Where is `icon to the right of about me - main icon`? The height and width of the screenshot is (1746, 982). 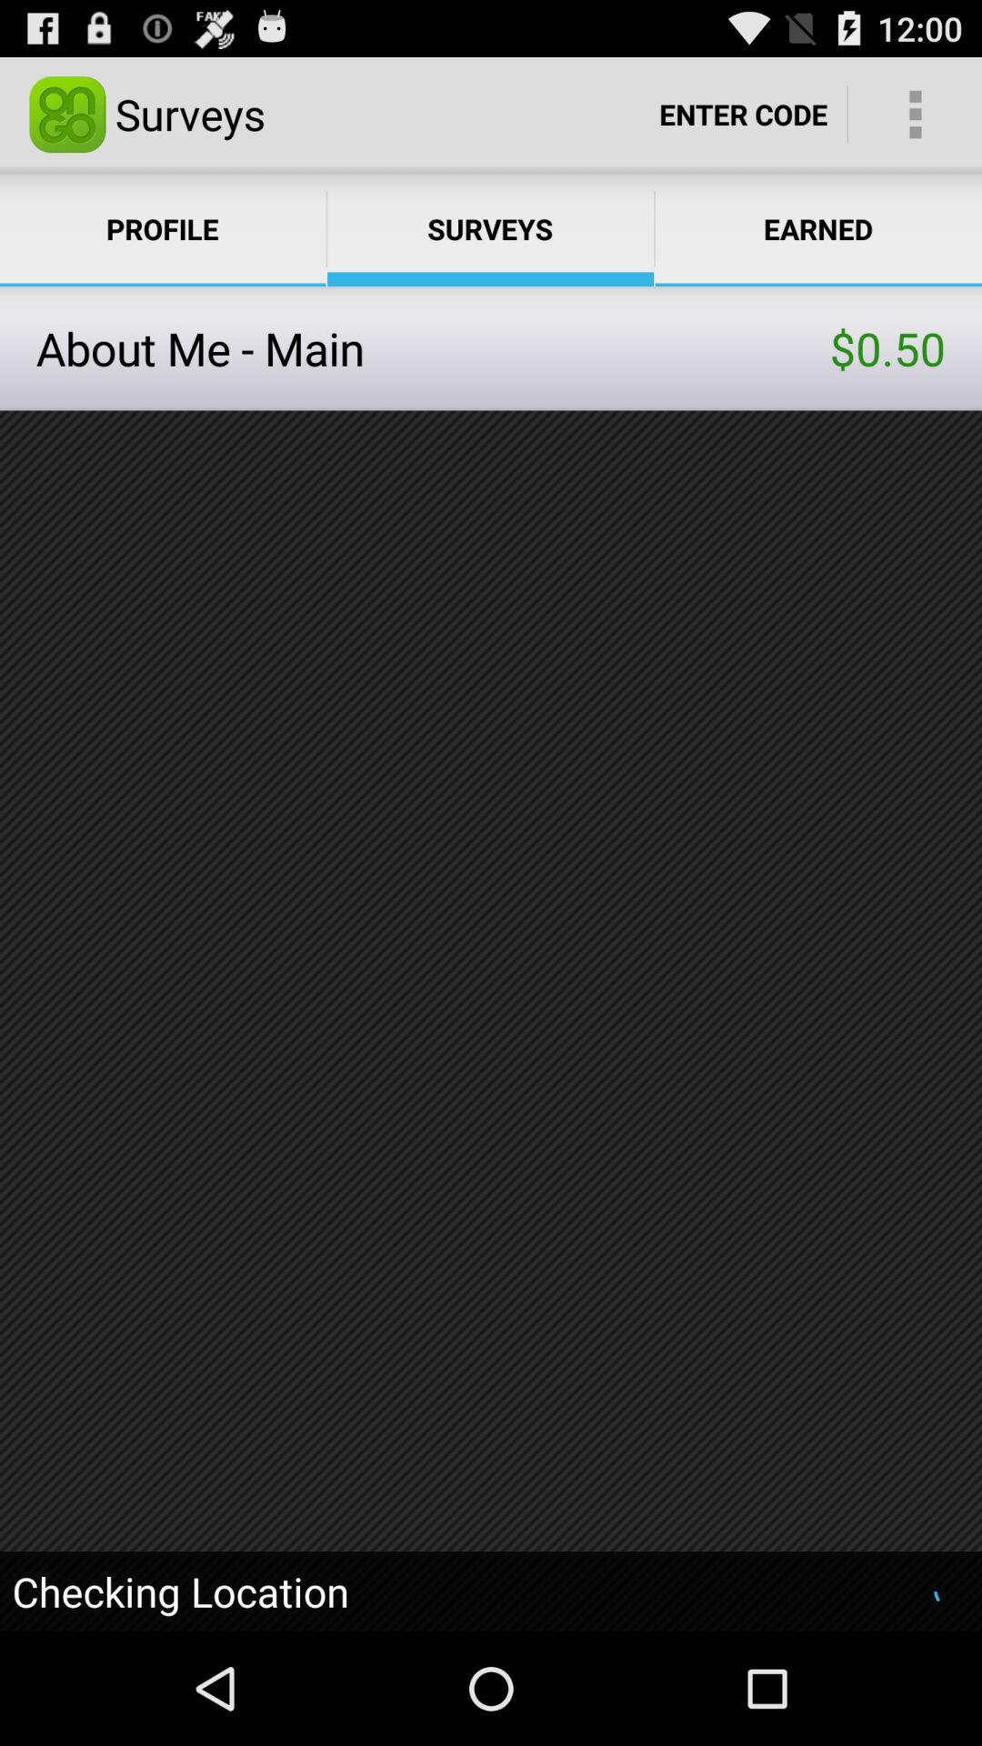
icon to the right of about me - main icon is located at coordinates (887, 348).